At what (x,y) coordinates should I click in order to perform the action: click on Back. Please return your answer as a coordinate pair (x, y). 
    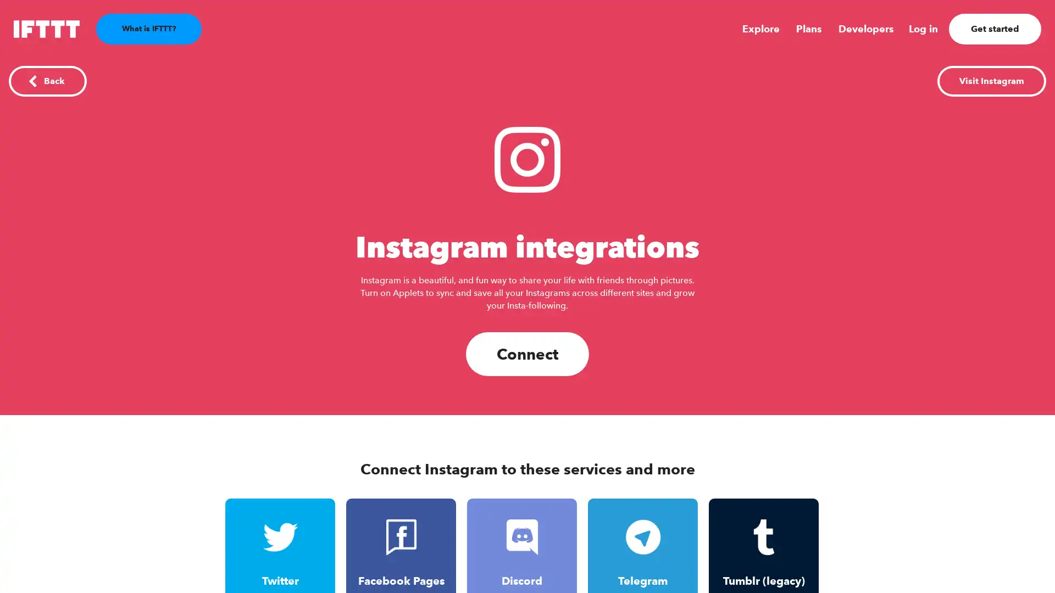
    Looking at the image, I should click on (47, 80).